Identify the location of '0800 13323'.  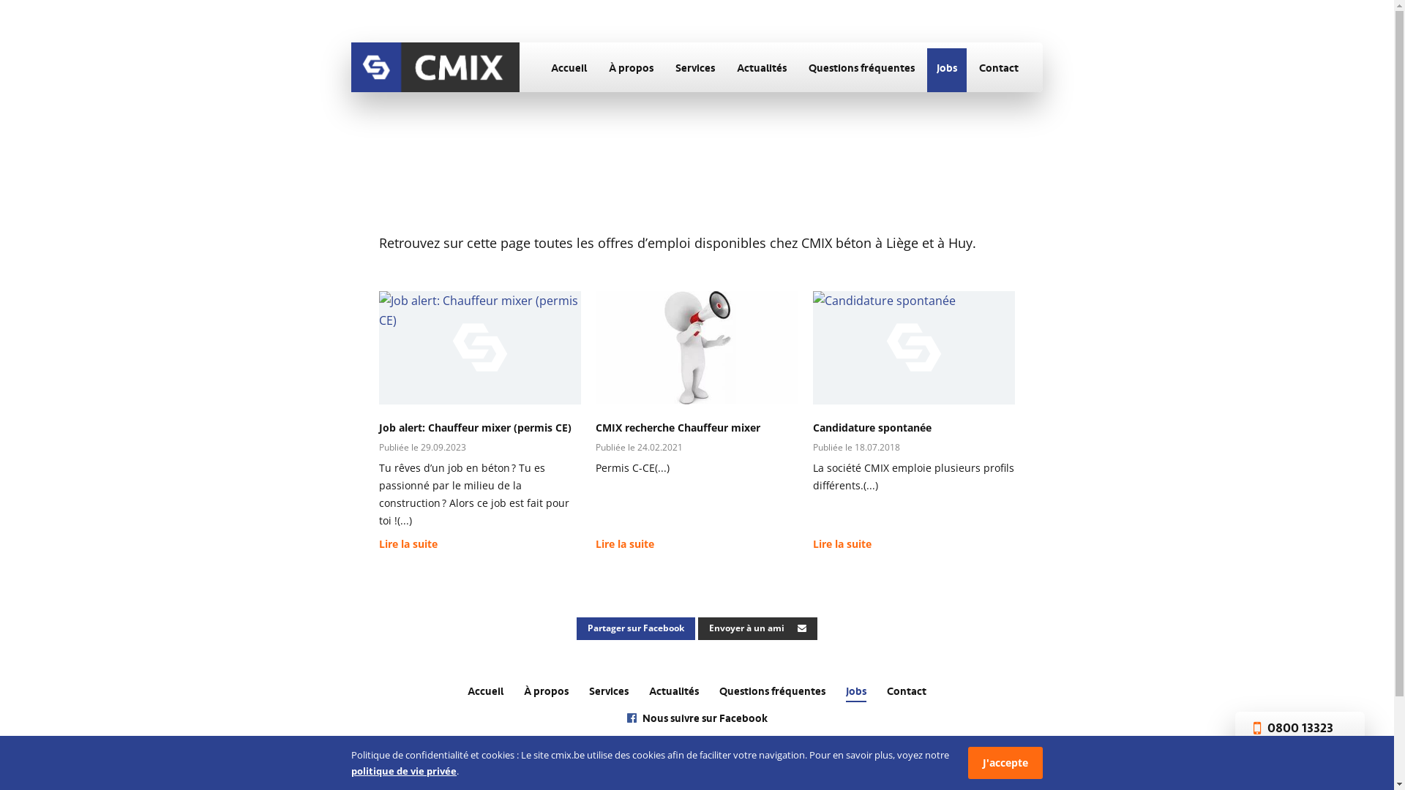
(1249, 729).